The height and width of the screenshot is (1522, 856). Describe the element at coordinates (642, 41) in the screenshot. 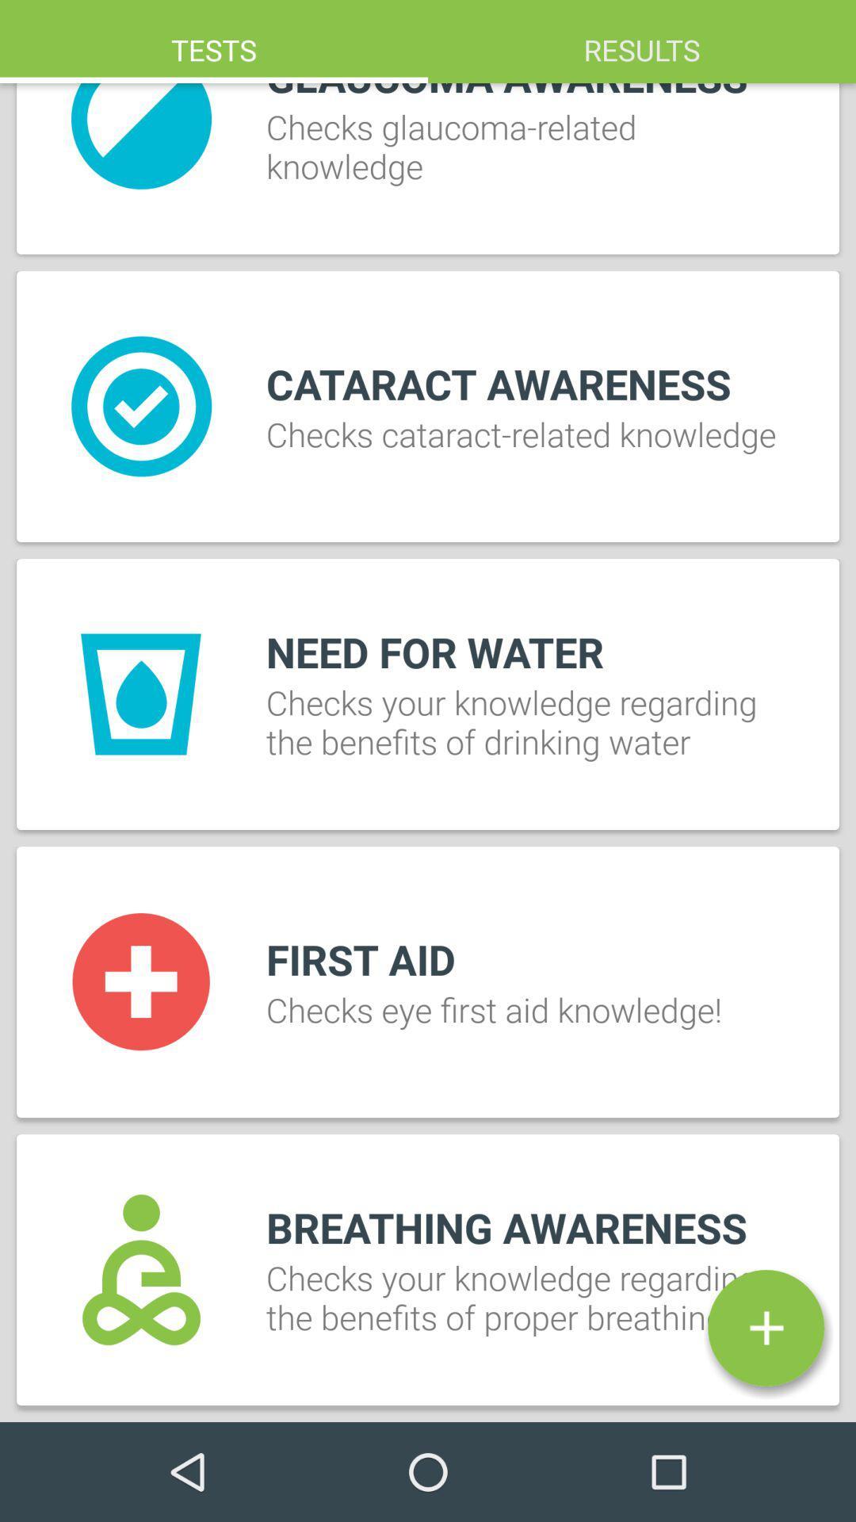

I see `the icon to the right of tests` at that location.